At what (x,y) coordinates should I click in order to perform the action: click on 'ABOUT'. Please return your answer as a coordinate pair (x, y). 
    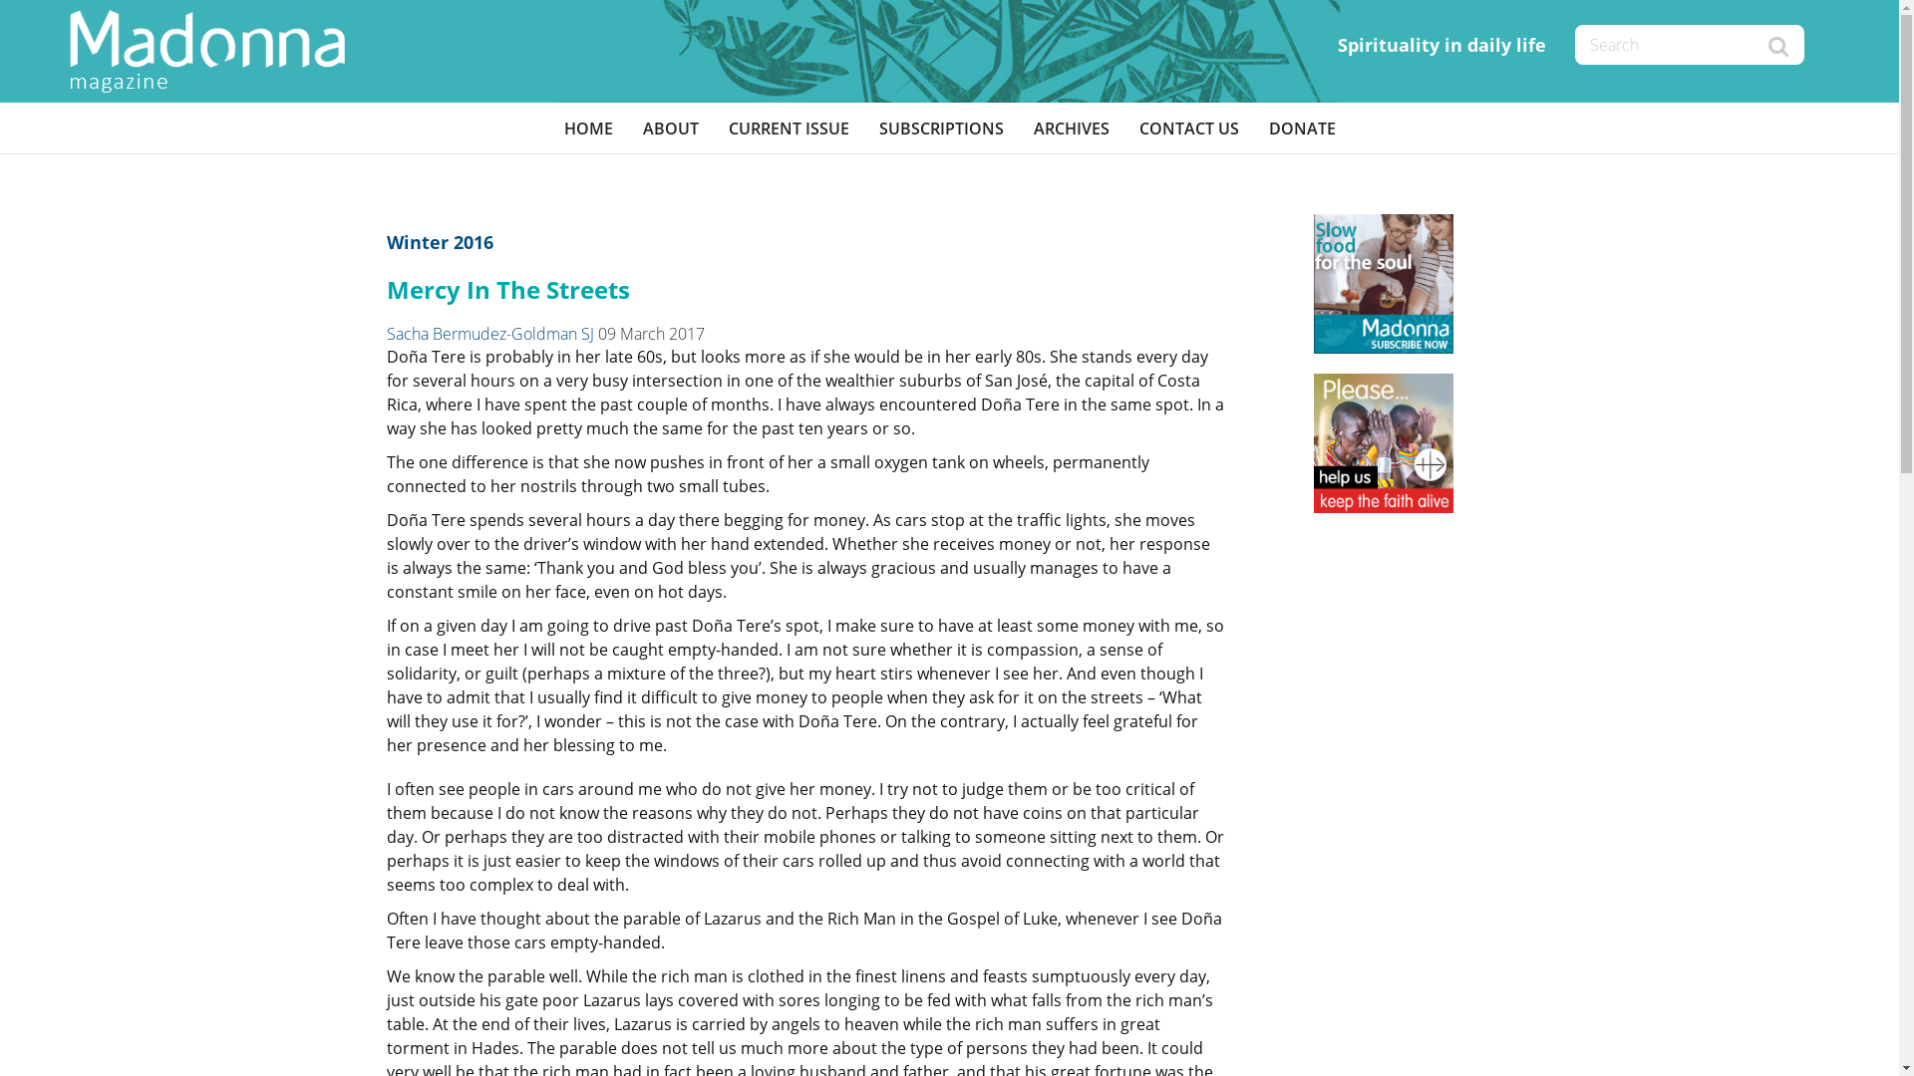
    Looking at the image, I should click on (670, 128).